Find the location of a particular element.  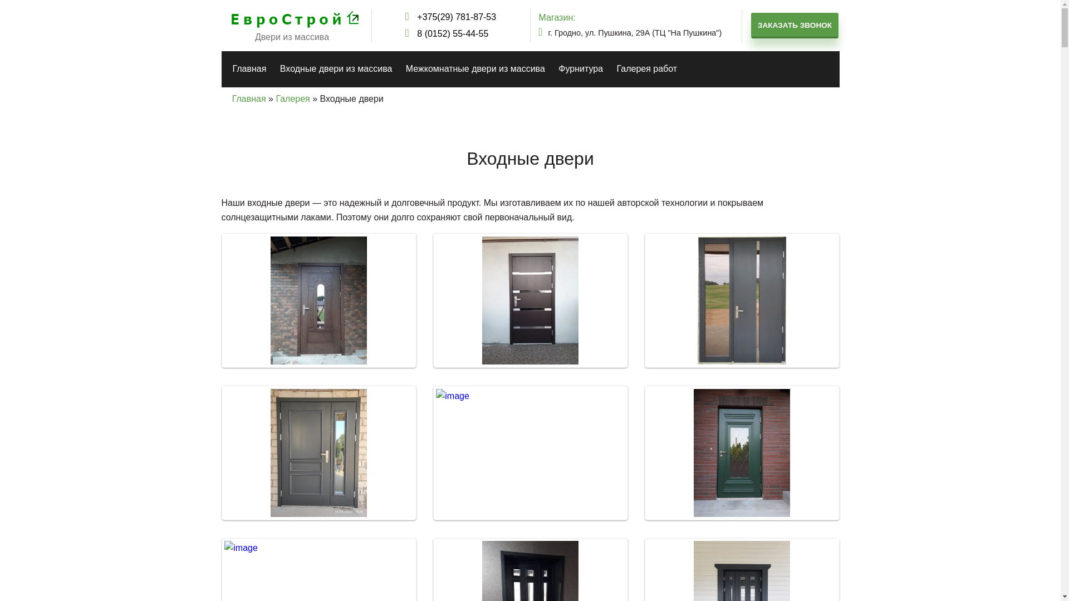

'8 (0152) 55-44-55' is located at coordinates (450, 33).